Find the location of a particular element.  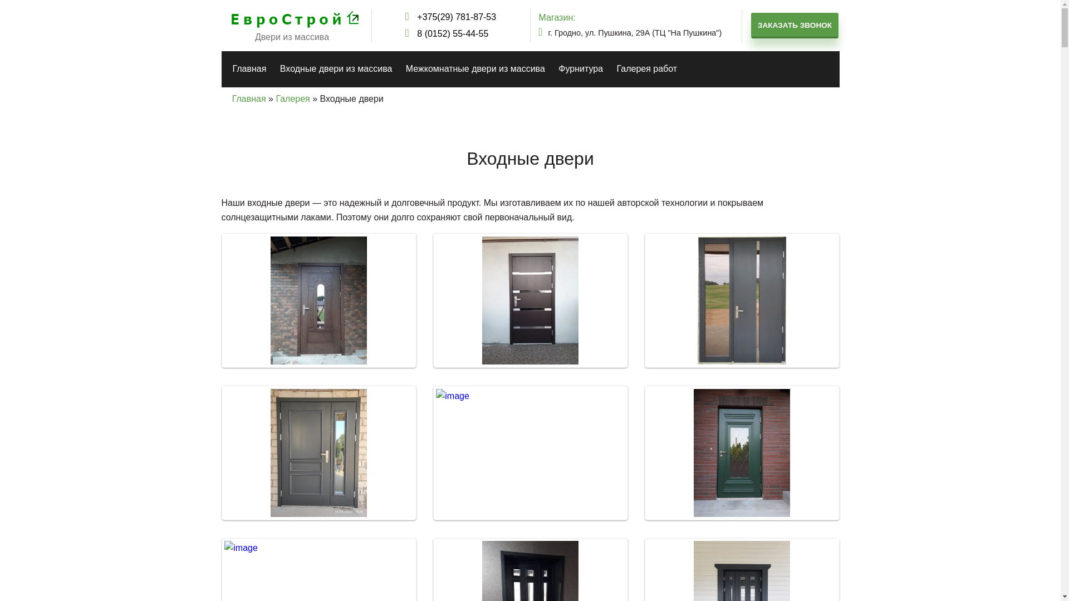

'8 (0152) 55-44-55' is located at coordinates (450, 33).